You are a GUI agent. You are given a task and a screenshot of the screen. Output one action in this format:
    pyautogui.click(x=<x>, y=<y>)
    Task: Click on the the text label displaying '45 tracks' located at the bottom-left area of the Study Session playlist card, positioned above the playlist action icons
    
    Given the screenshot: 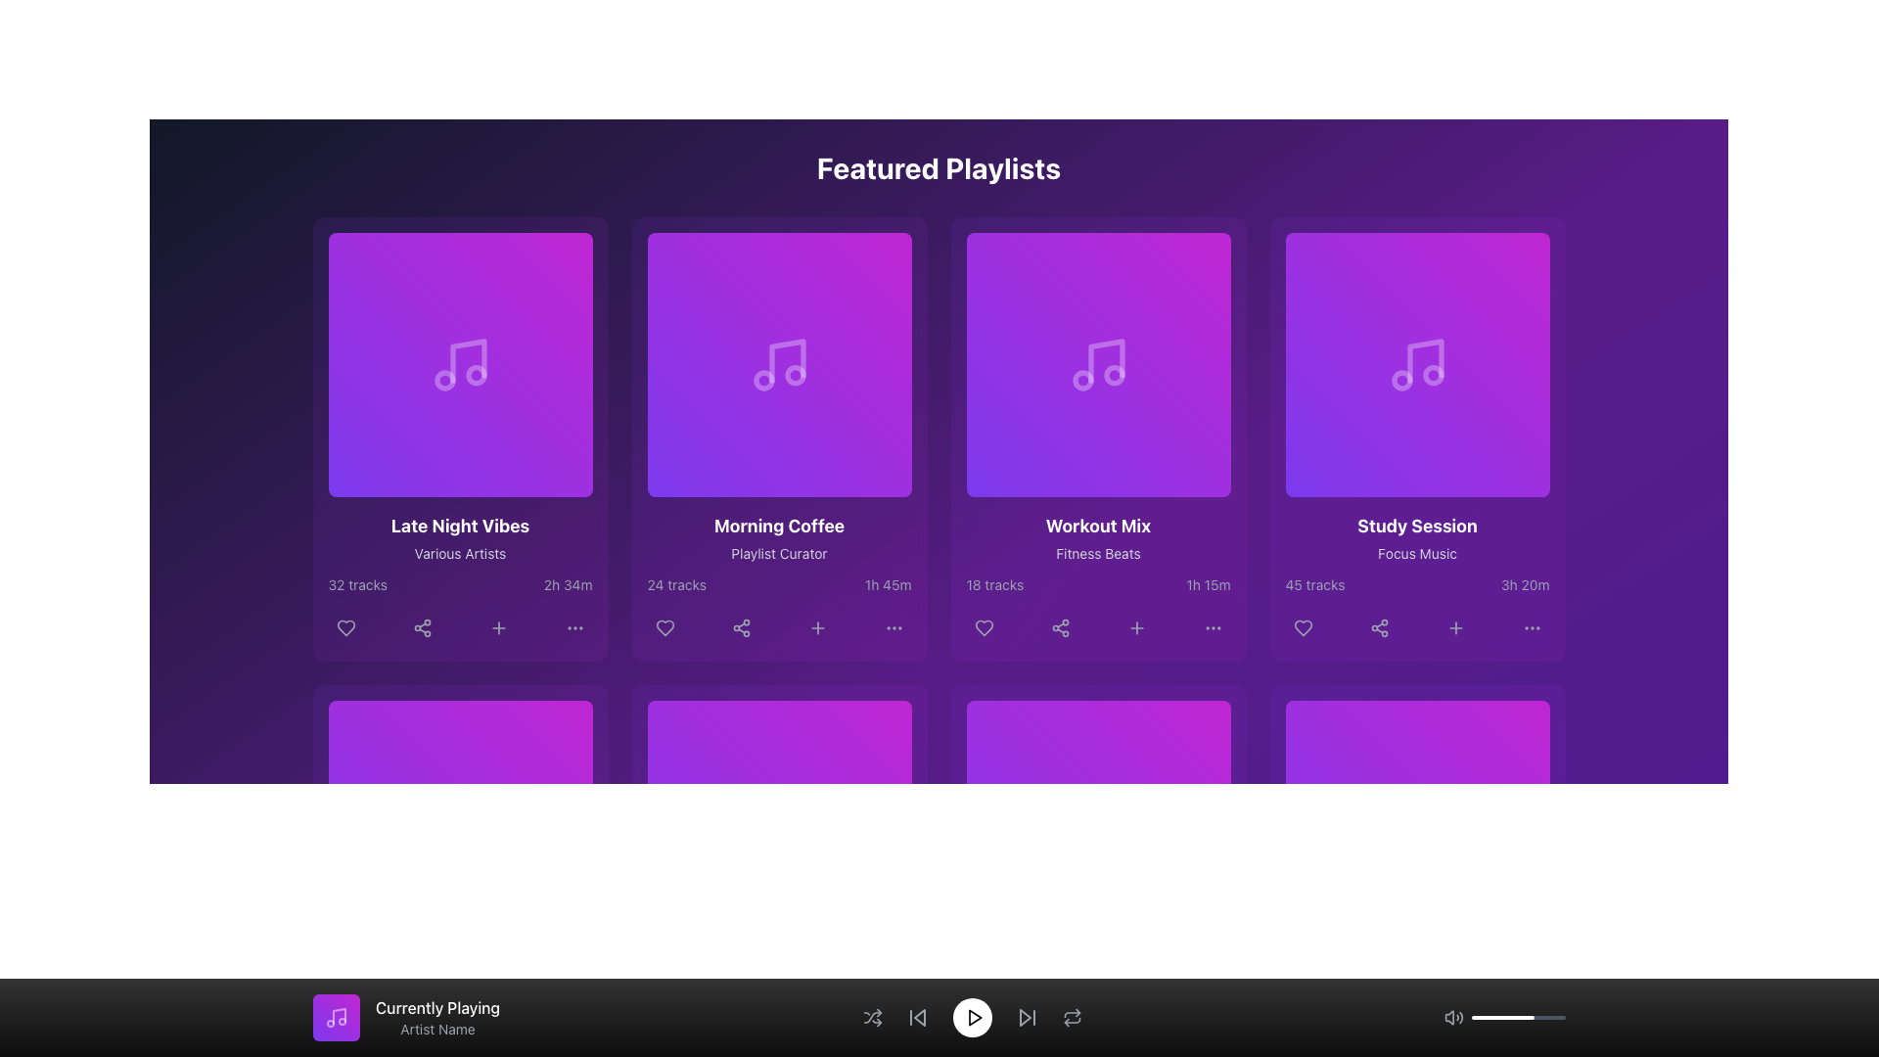 What is the action you would take?
    pyautogui.click(x=1315, y=583)
    